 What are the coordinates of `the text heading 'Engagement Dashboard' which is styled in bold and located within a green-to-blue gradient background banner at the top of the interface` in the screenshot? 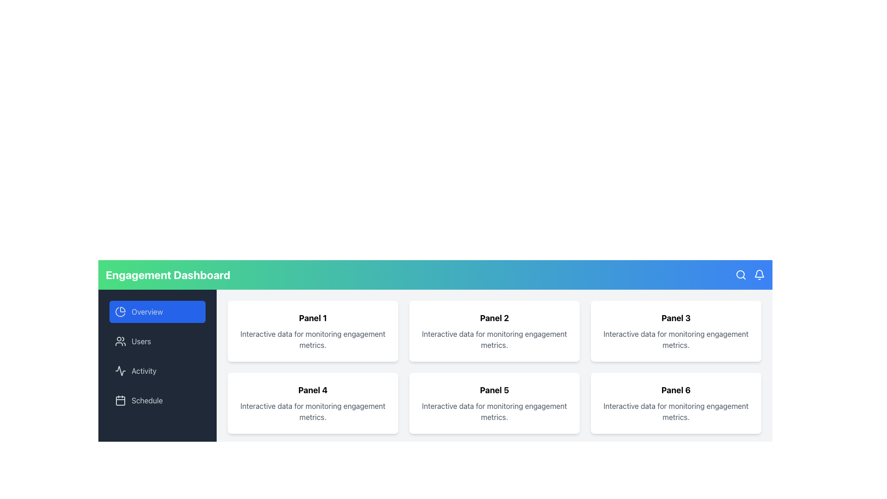 It's located at (168, 274).